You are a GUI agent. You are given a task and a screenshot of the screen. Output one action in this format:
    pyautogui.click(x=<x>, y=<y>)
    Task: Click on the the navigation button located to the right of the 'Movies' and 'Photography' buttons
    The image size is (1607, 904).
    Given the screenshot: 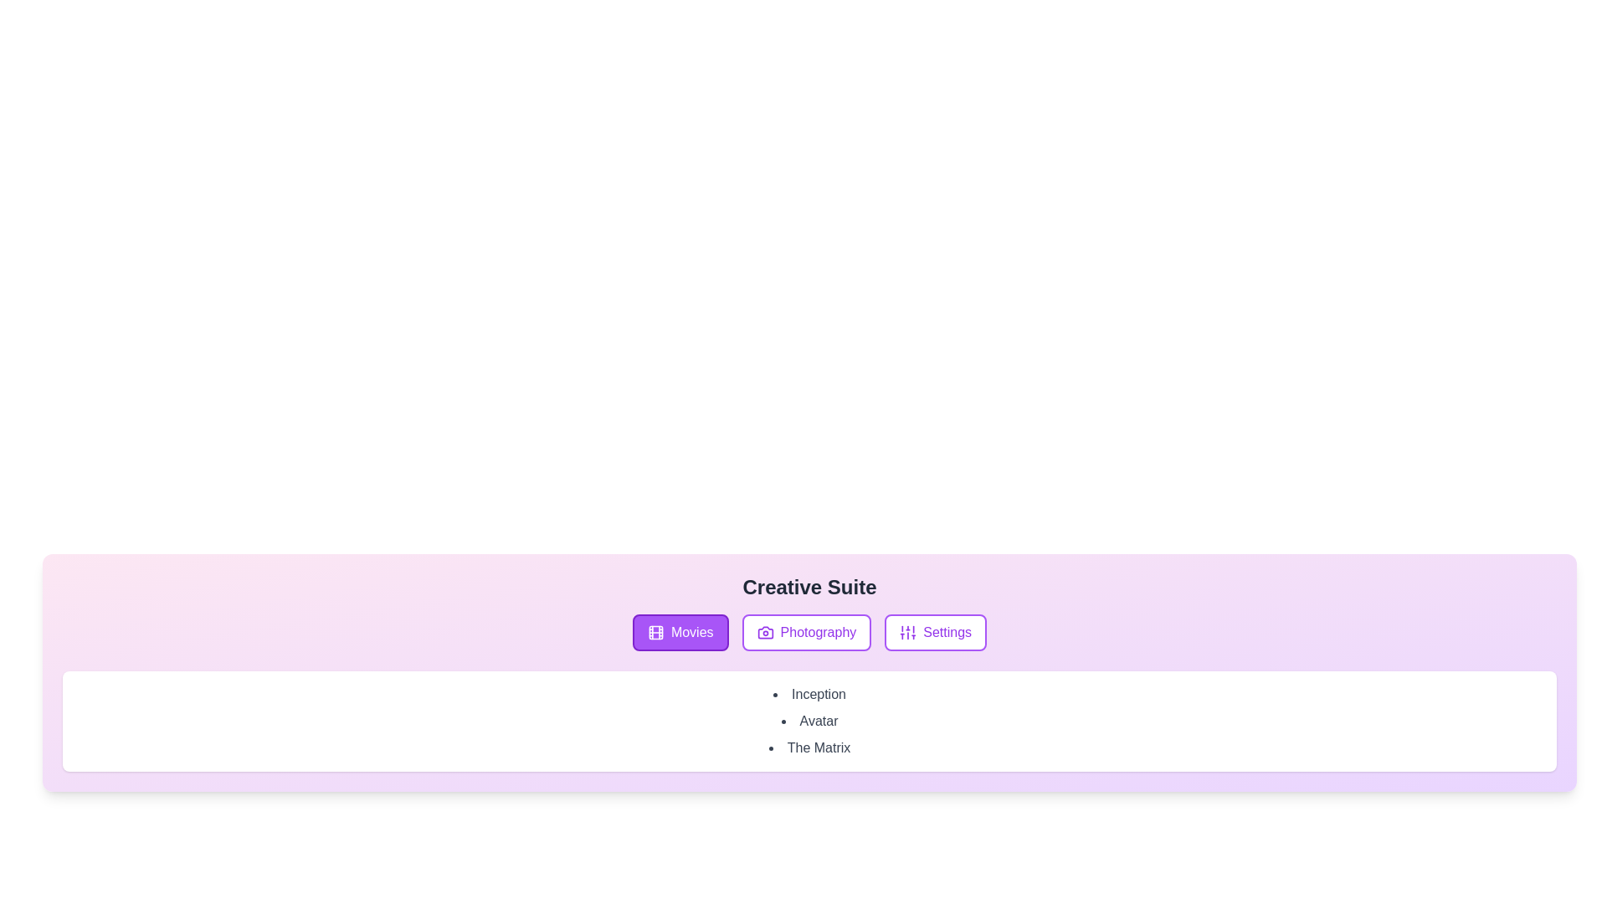 What is the action you would take?
    pyautogui.click(x=935, y=633)
    